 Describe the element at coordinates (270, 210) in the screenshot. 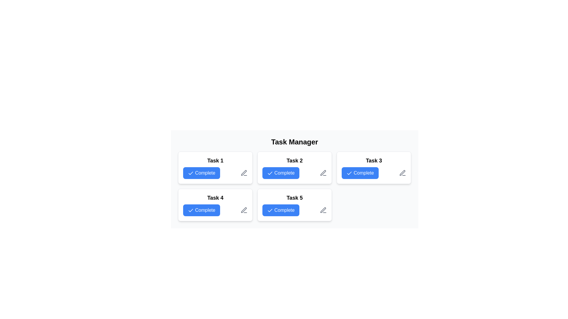

I see `the checkmark SVG icon within the blue 'Complete' button in the 'Task 5' card located in the task grid beneath the 'Task Manager' heading` at that location.